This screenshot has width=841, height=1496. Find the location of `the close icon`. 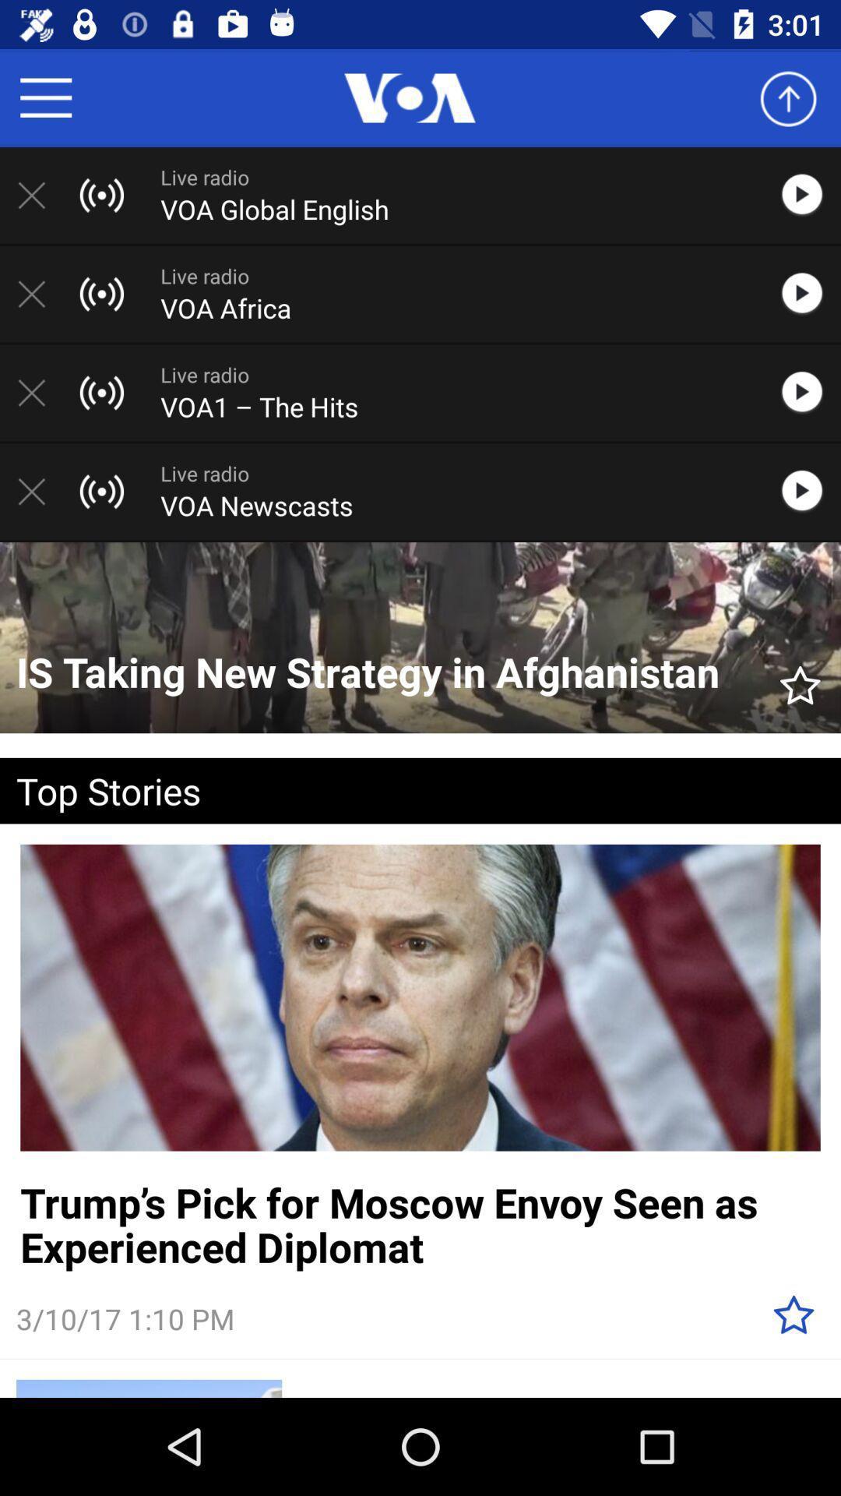

the close icon is located at coordinates (39, 393).